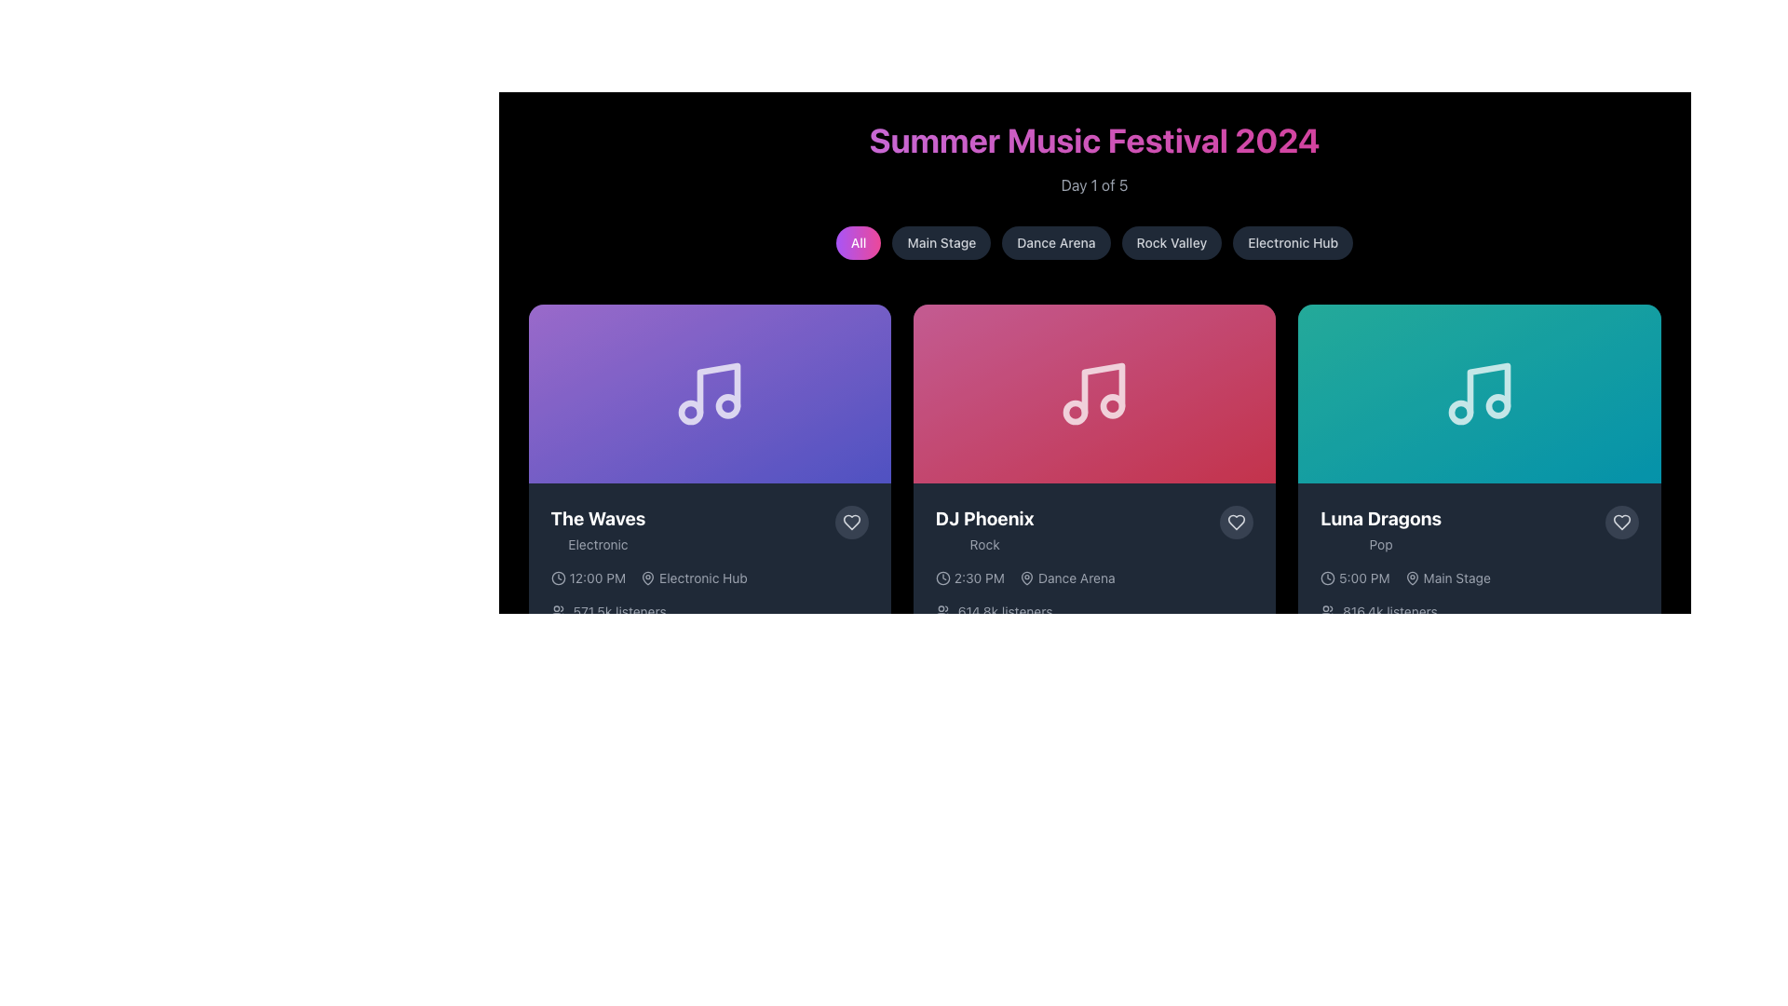 Image resolution: width=1788 pixels, height=1006 pixels. I want to click on the musical note icon with a modern, minimalistic design, located centrally within the top section of the card titled 'The Waves', so click(709, 393).